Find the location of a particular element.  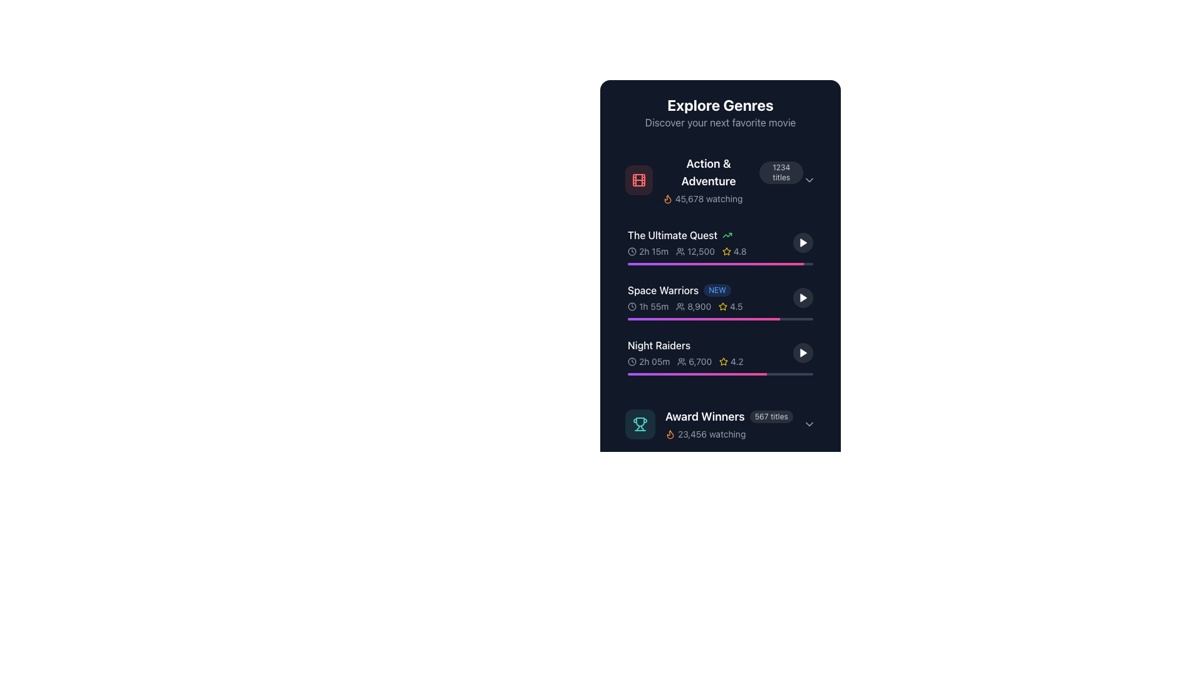

the Text Label displaying the value '4.8', which is styled in a small gray font and located next to a yellow star icon in a dark-themed interface is located at coordinates (740, 251).